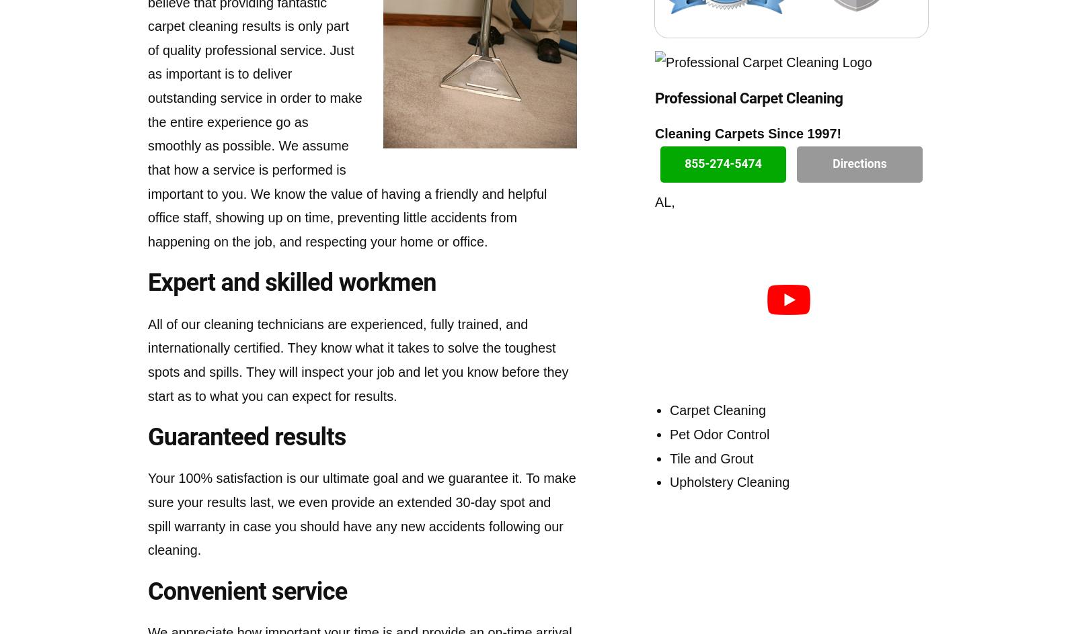 The width and height of the screenshot is (1076, 634). Describe the element at coordinates (357, 359) in the screenshot. I see `'All of our cleaning technicians are experienced, fully trained, and internationally certified. They know what it takes to solve the toughest spots and spills. They will inspect your job and let you know before they start as to what you can expect for results.'` at that location.